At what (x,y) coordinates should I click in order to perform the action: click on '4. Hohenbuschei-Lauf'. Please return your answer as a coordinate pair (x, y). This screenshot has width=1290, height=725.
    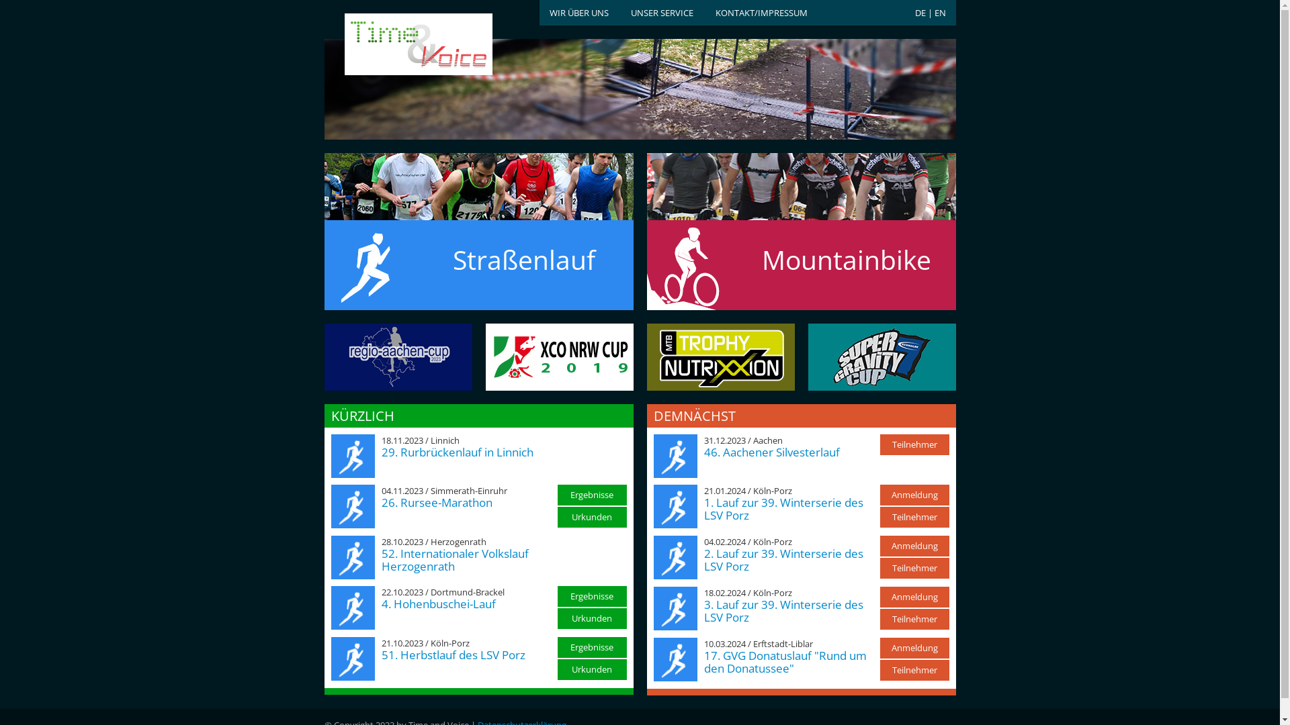
    Looking at the image, I should click on (438, 603).